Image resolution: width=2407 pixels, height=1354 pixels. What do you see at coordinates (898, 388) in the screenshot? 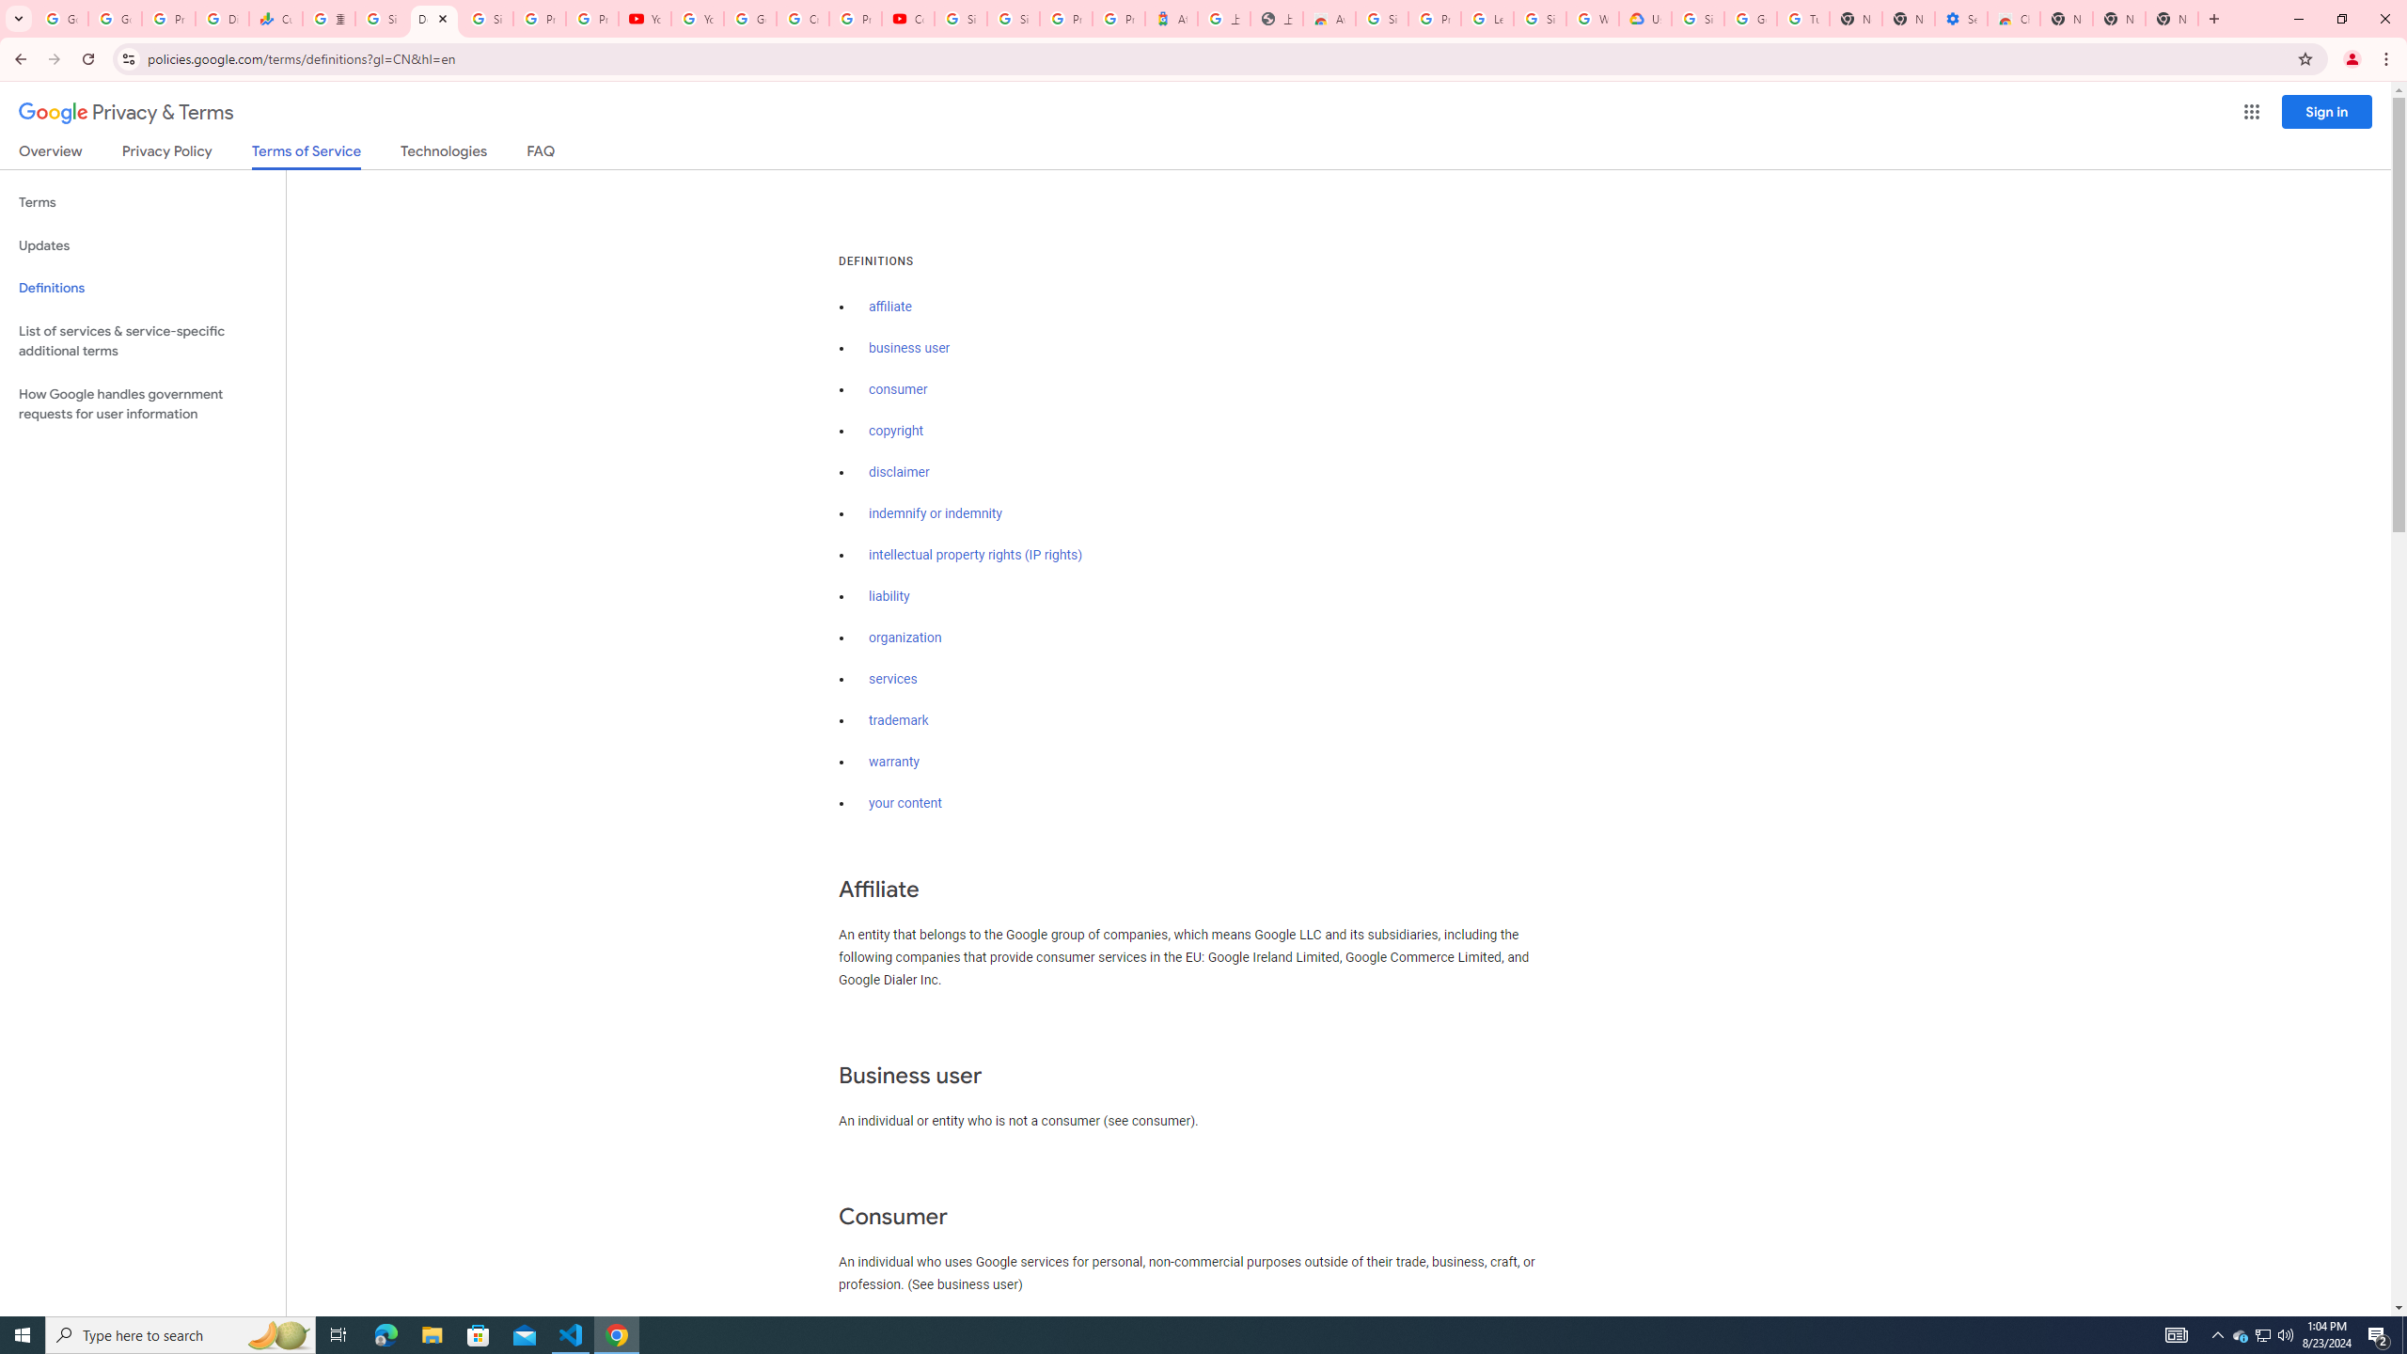
I see `'consumer'` at bounding box center [898, 388].